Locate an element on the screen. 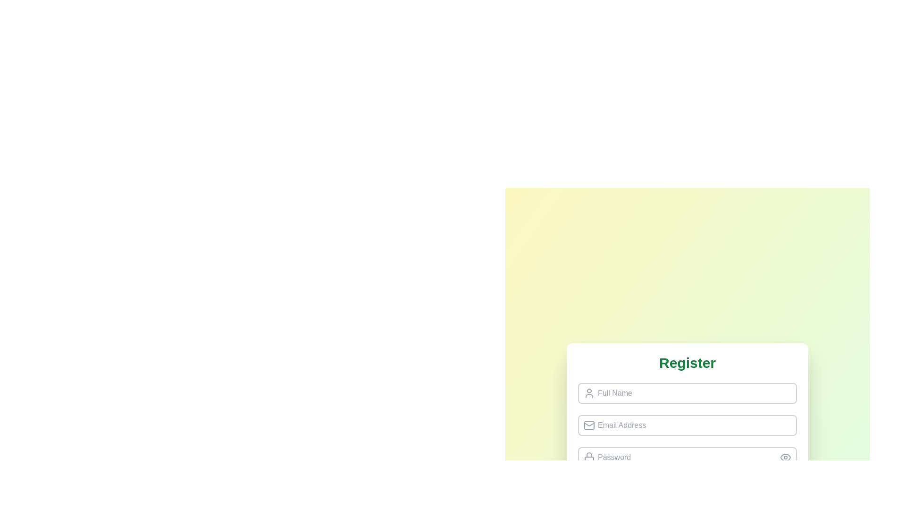 The height and width of the screenshot is (510, 906). the bold, large-sized 'Register' text label, which is styled in green and aligned at the top of the form layout is located at coordinates (688, 362).